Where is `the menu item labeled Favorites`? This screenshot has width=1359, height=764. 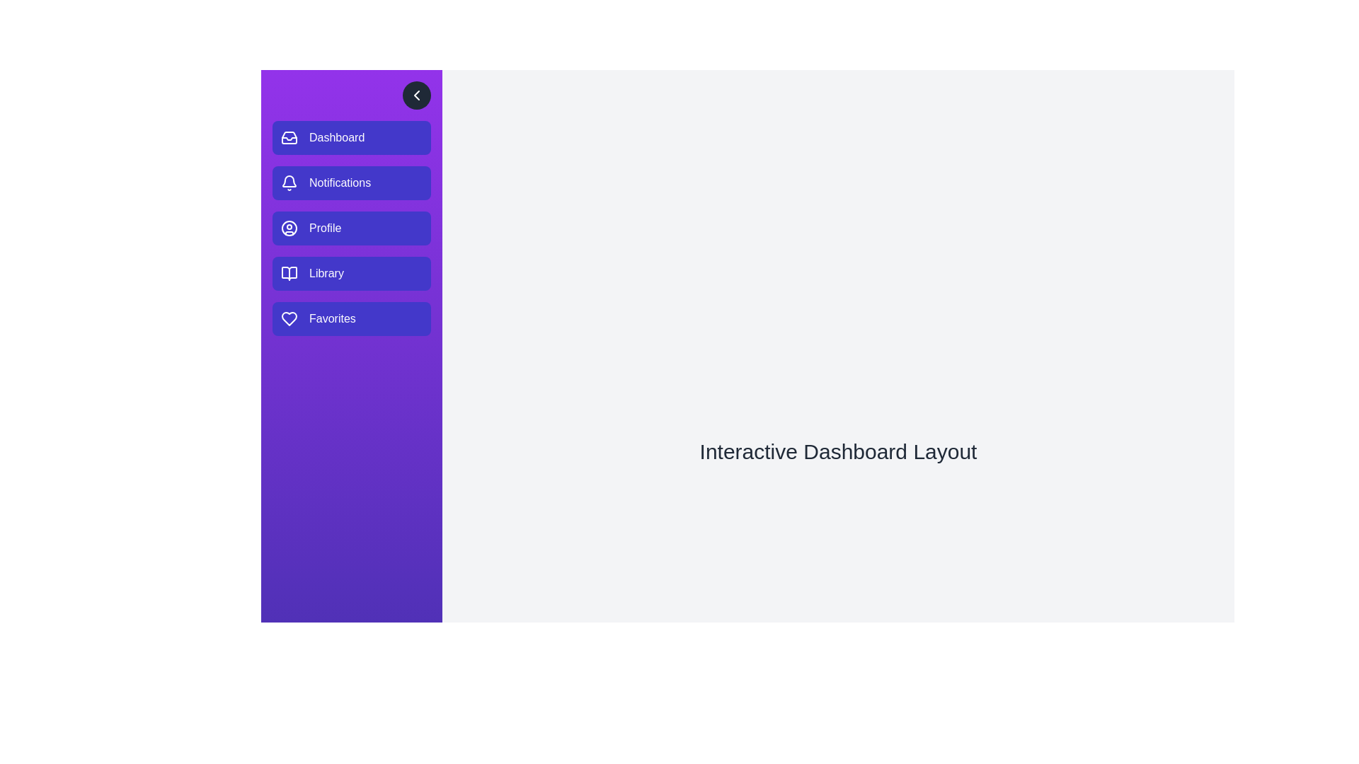
the menu item labeled Favorites is located at coordinates (352, 319).